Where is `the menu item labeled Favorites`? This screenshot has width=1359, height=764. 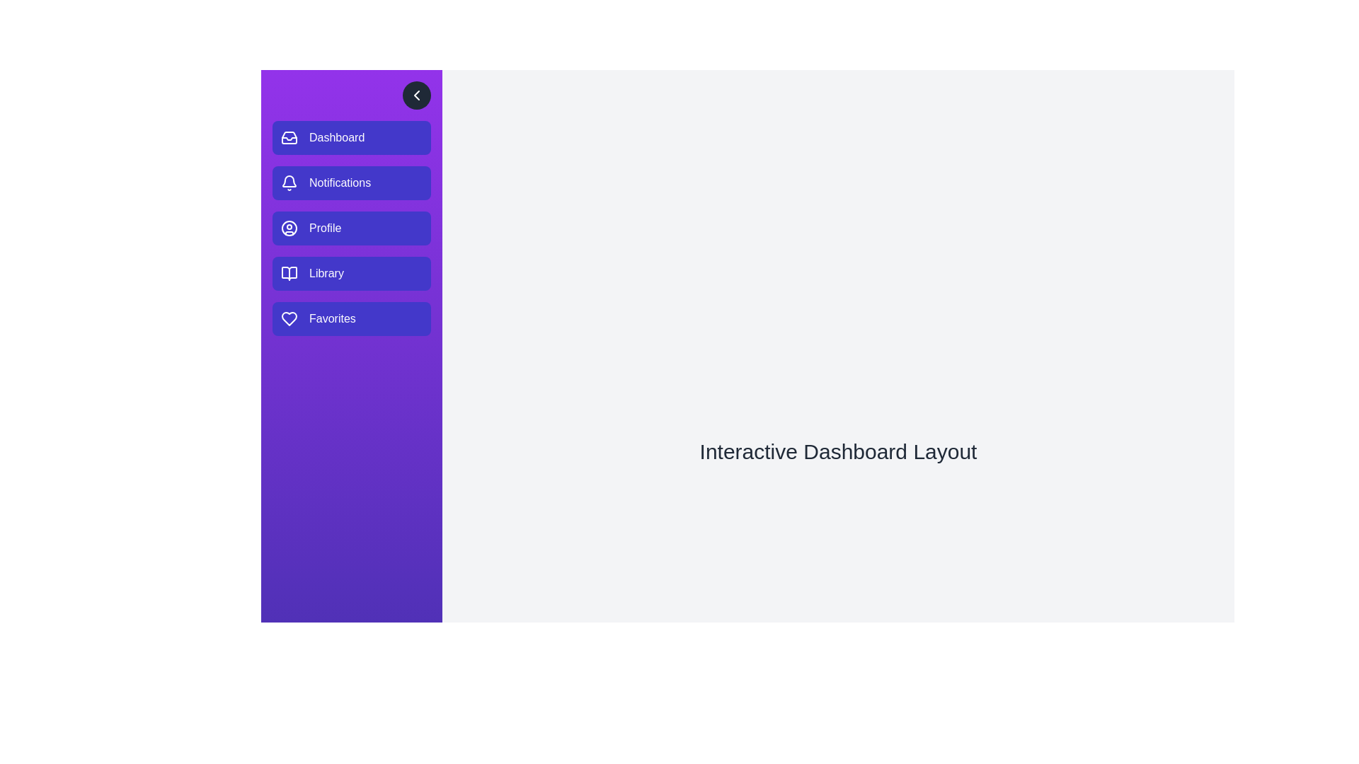
the menu item labeled Favorites is located at coordinates (352, 319).